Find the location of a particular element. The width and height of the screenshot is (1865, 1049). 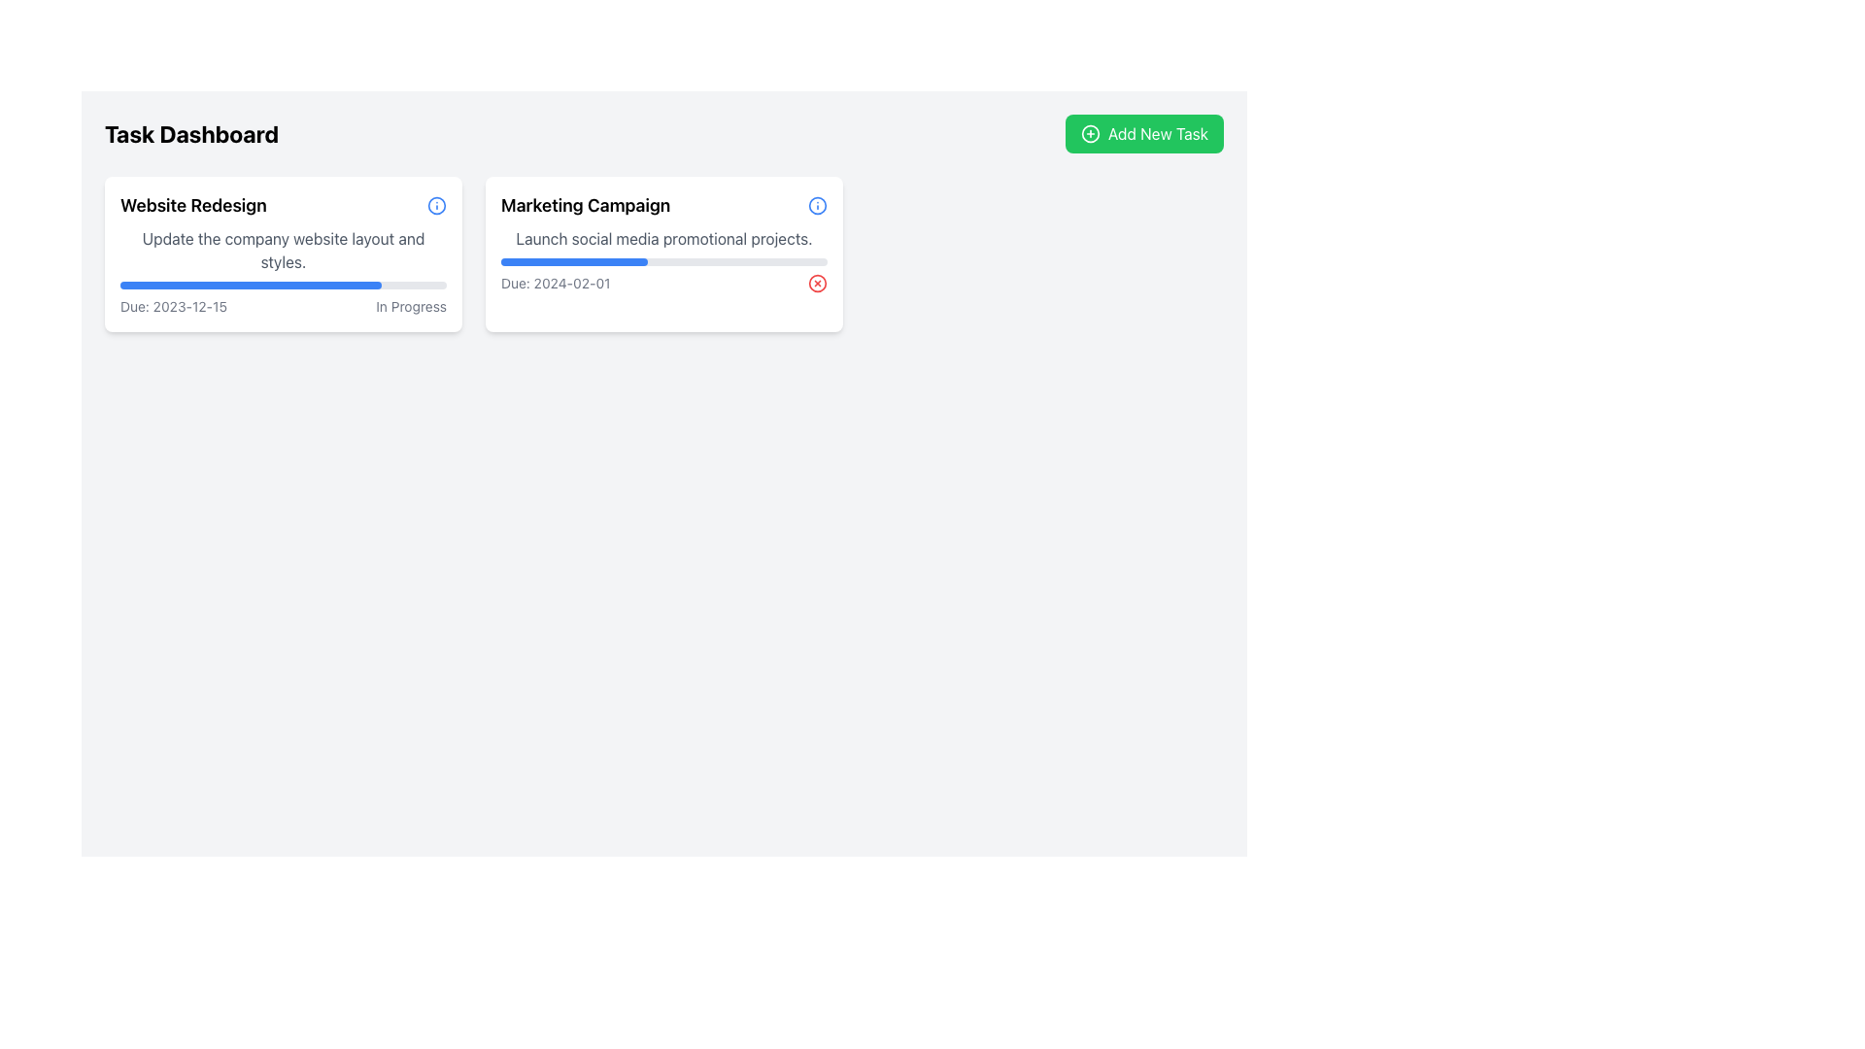

the decorative circle in the 'Add New Task' icon, which is a central circular component representing a plus symbol is located at coordinates (1091, 133).